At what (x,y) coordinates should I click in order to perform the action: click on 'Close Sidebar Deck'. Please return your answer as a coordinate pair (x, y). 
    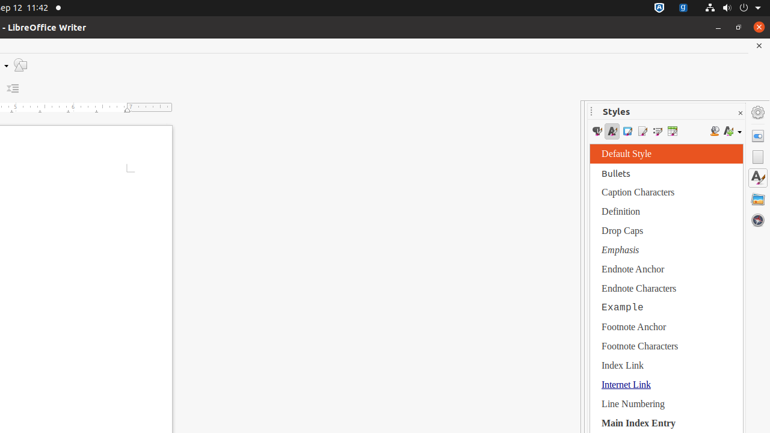
    Looking at the image, I should click on (739, 113).